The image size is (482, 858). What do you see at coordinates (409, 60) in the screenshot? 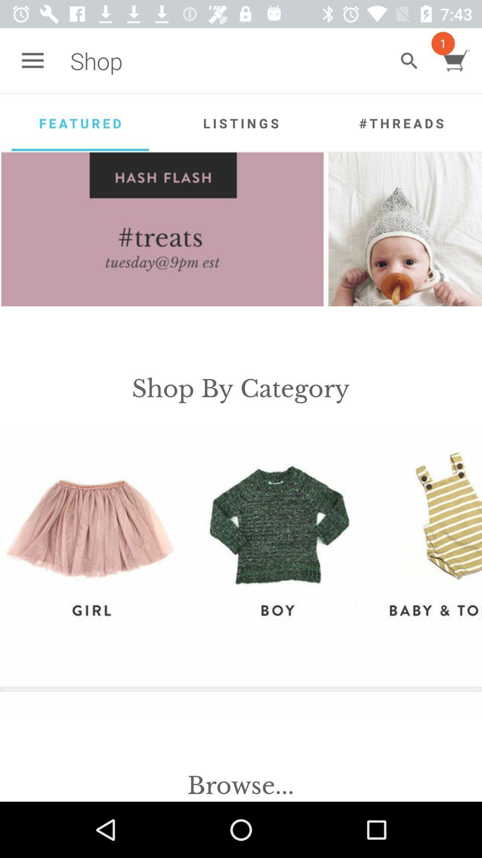
I see `the item above the #threads` at bounding box center [409, 60].